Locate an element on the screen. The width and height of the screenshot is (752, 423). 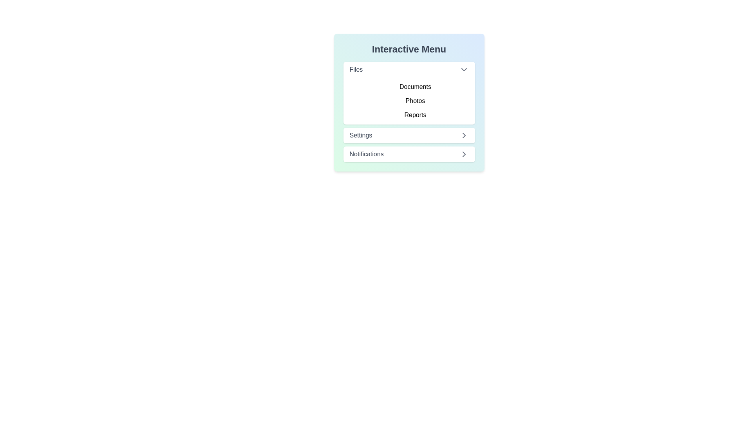
the 'Photos' text label, which is the second interactive text option under the 'Files' section is located at coordinates (415, 101).